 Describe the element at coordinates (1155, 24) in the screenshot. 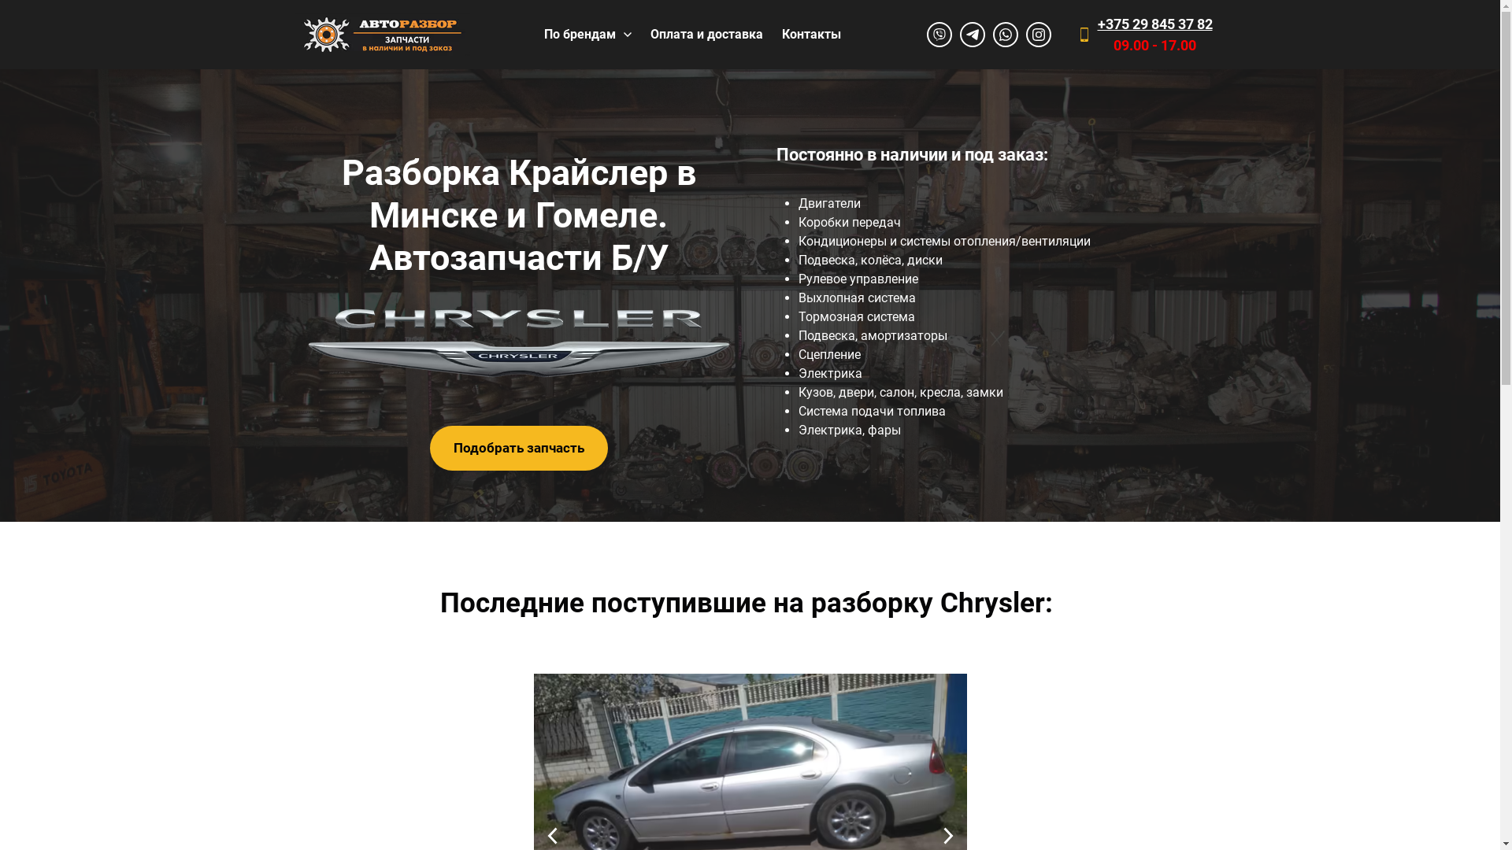

I see `'+375 29 845 37 82'` at that location.